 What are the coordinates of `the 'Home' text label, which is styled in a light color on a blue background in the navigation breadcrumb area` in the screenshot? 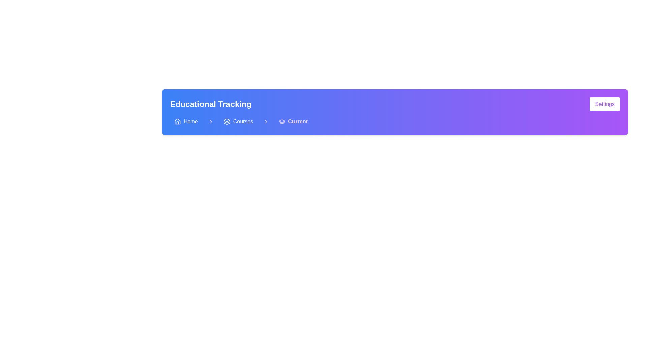 It's located at (190, 122).